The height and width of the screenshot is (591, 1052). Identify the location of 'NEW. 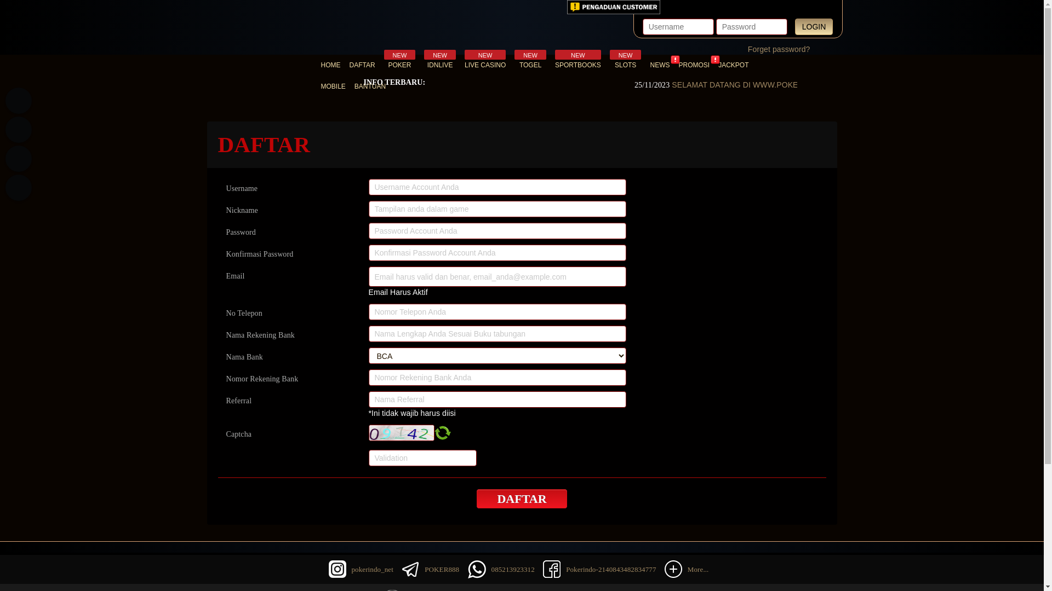
(578, 65).